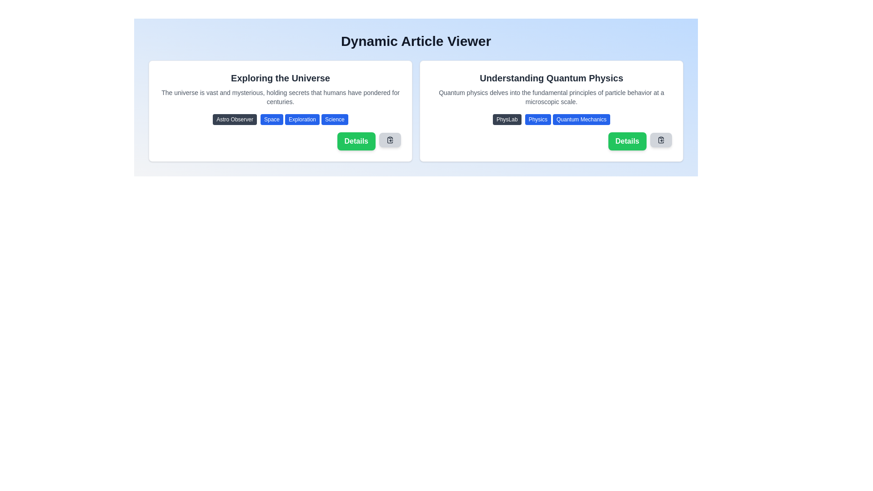  I want to click on the small, rounded rectangular badge with a dark gray background and white text displaying 'PhysLab', located within the 'Understanding Quantum Physics' card as the first tag from the left, so click(507, 119).